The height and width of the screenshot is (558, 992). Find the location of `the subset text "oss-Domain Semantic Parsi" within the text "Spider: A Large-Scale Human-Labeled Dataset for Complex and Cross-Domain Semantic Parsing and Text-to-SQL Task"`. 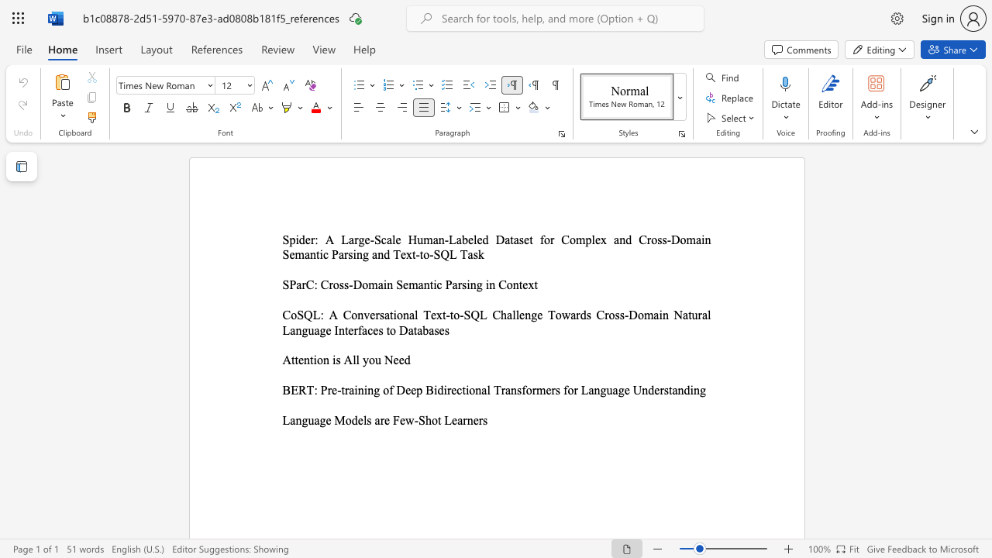

the subset text "oss-Domain Semantic Parsi" within the text "Spider: A Large-Scale Human-Labeled Dataset for Complex and Cross-Domain Semantic Parsing and Text-to-SQL Task" is located at coordinates (651, 239).